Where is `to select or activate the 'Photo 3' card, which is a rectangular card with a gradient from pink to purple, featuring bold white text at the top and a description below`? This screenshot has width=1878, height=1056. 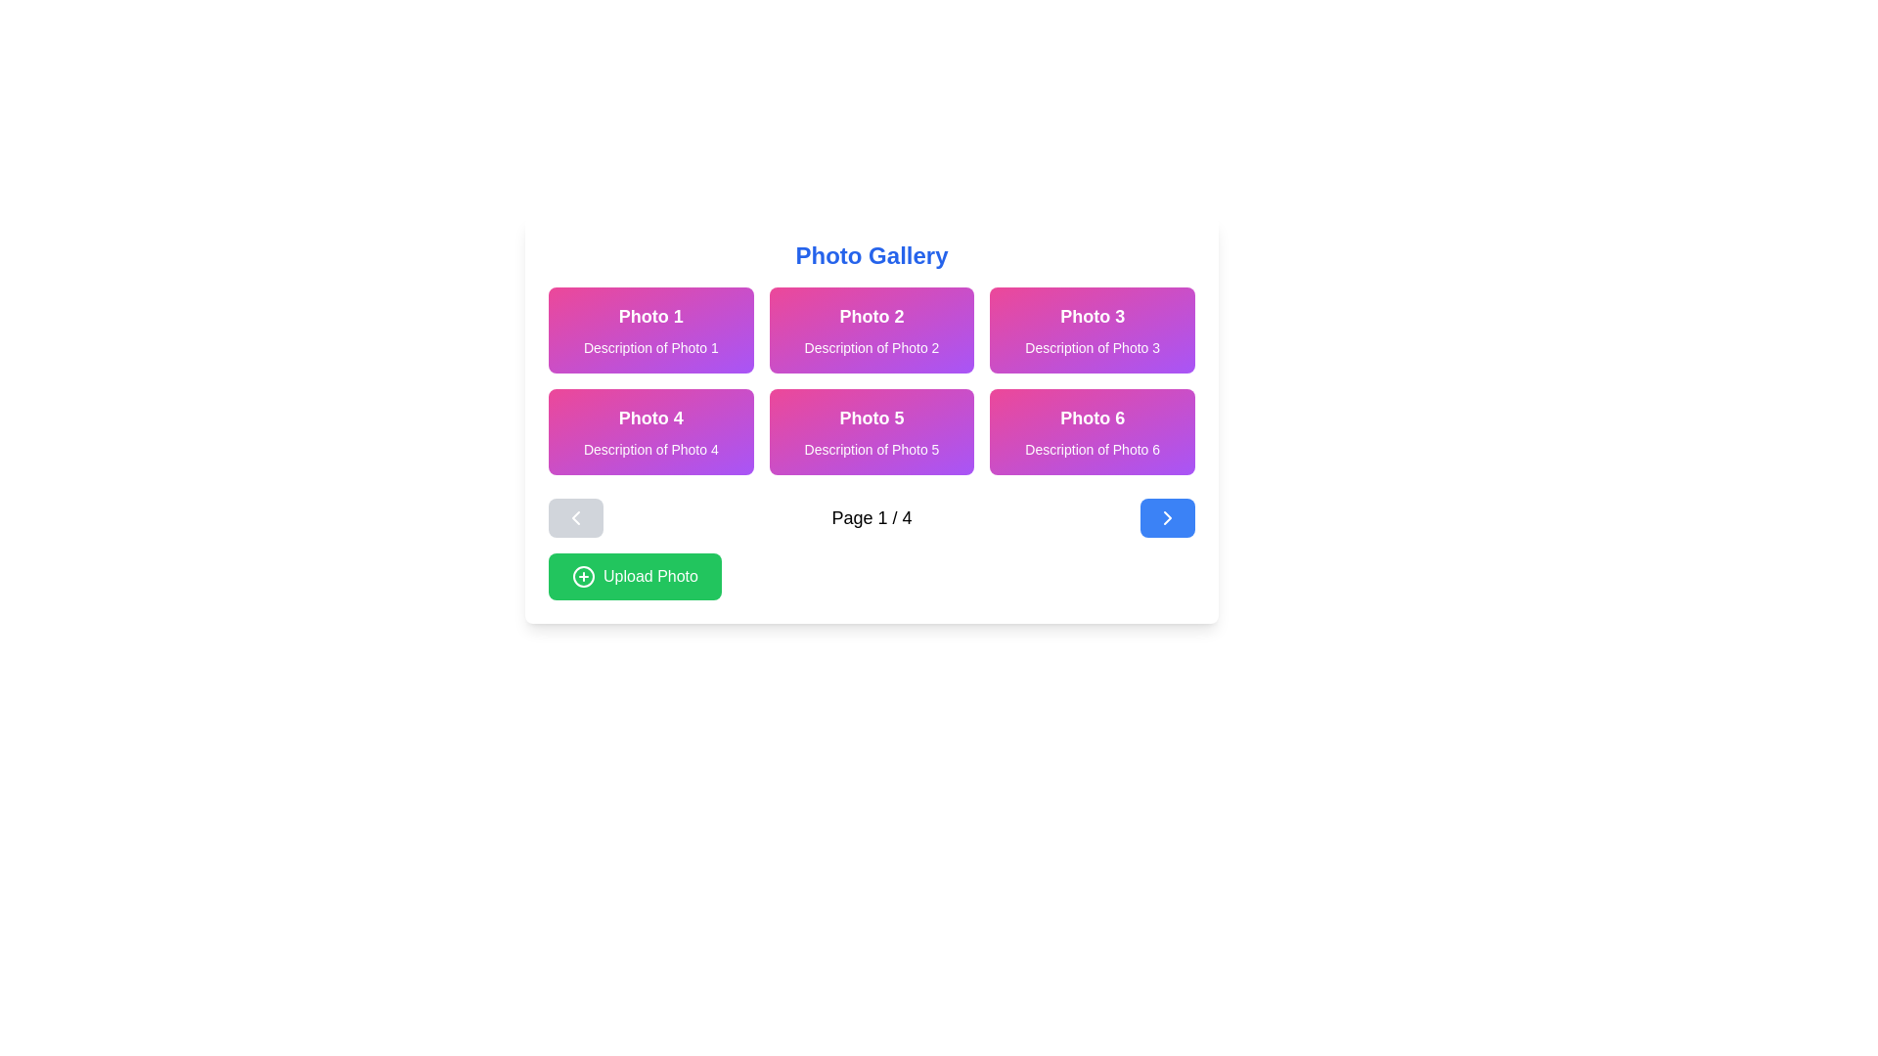
to select or activate the 'Photo 3' card, which is a rectangular card with a gradient from pink to purple, featuring bold white text at the top and a description below is located at coordinates (1092, 330).